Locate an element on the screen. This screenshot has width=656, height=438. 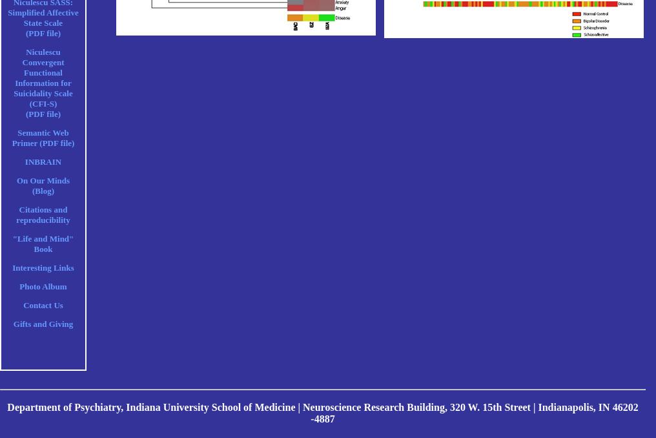
'Niculescu Convergent Functional Information for Suicidality Scale (CFI-S)' is located at coordinates (43, 77).